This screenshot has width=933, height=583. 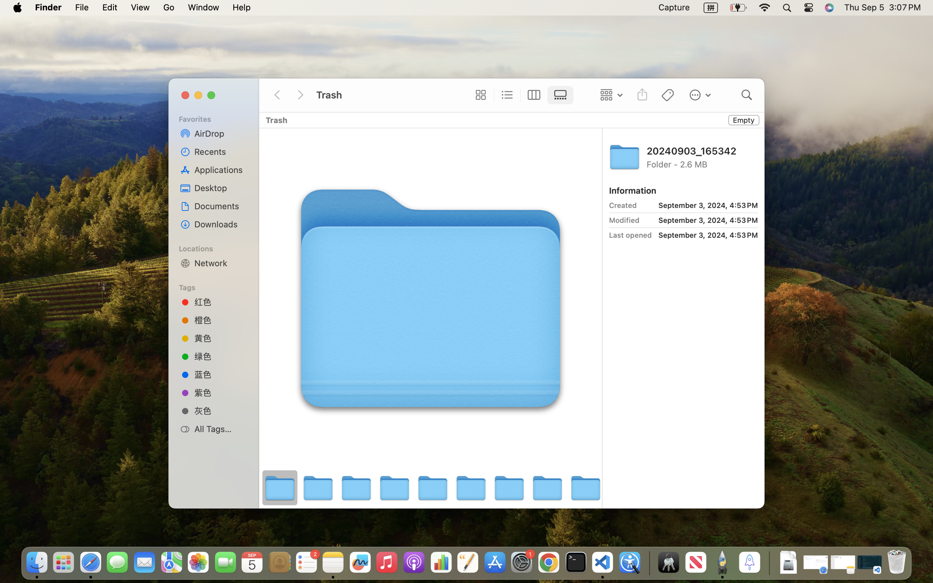 I want to click on '红色', so click(x=220, y=302).